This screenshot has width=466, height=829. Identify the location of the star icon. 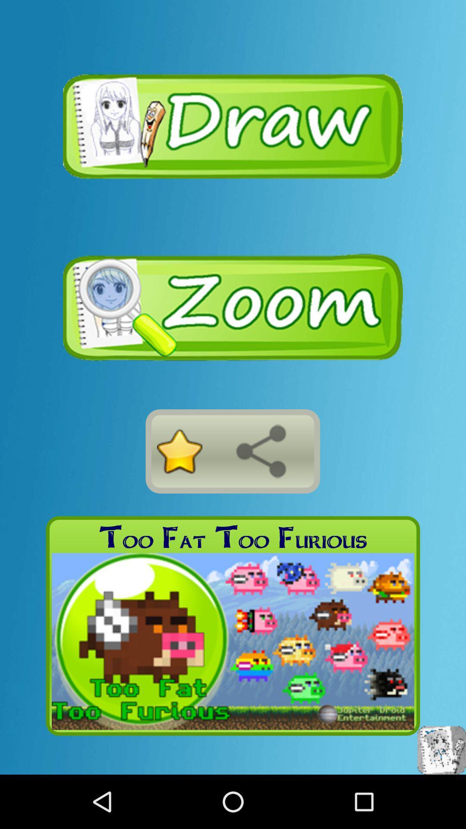
(179, 482).